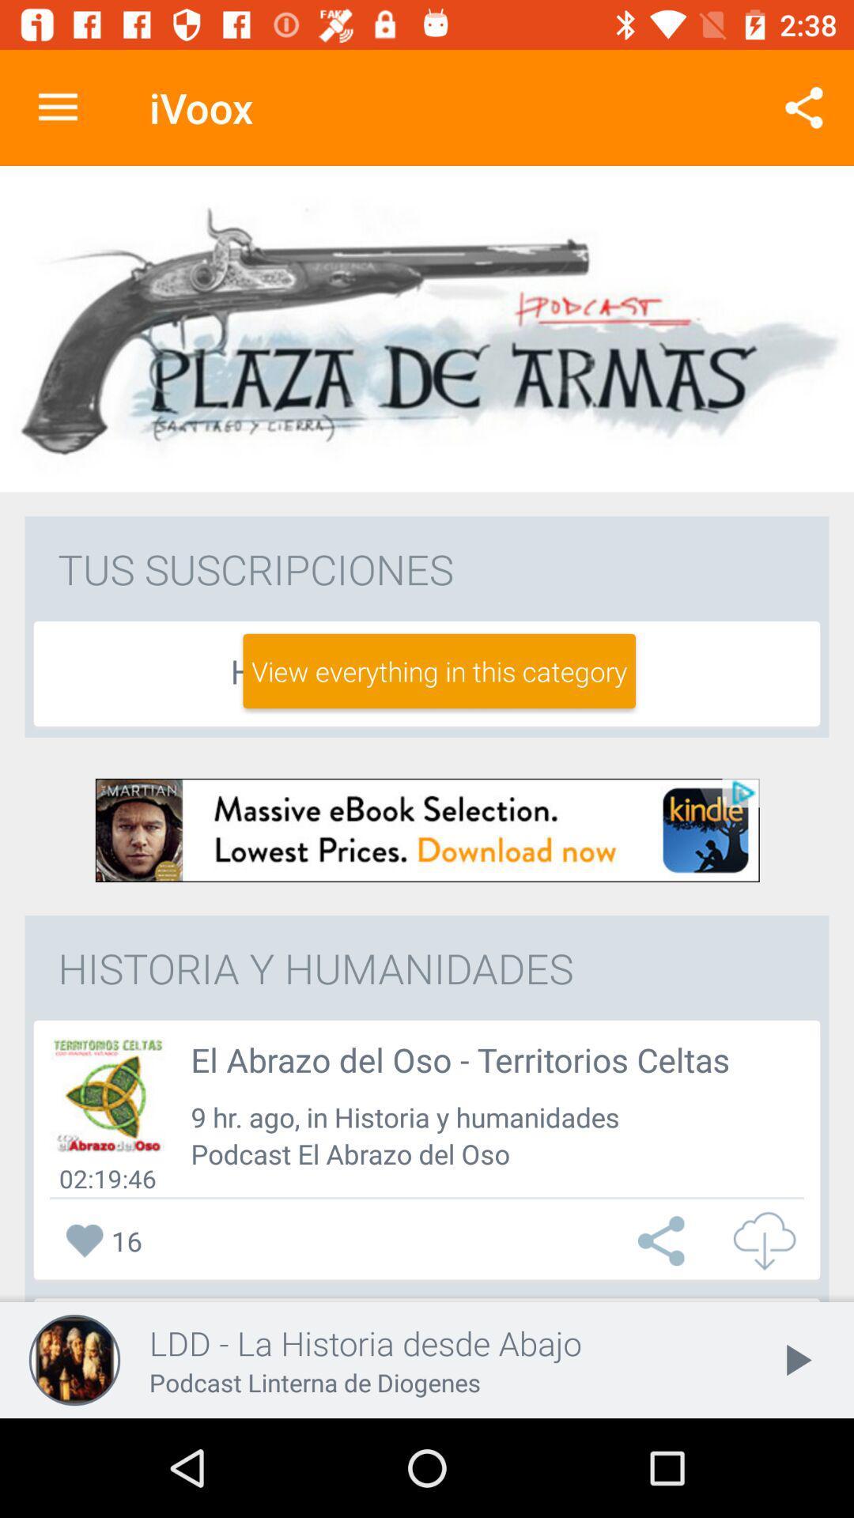 The width and height of the screenshot is (854, 1518). I want to click on advertisement, so click(427, 829).